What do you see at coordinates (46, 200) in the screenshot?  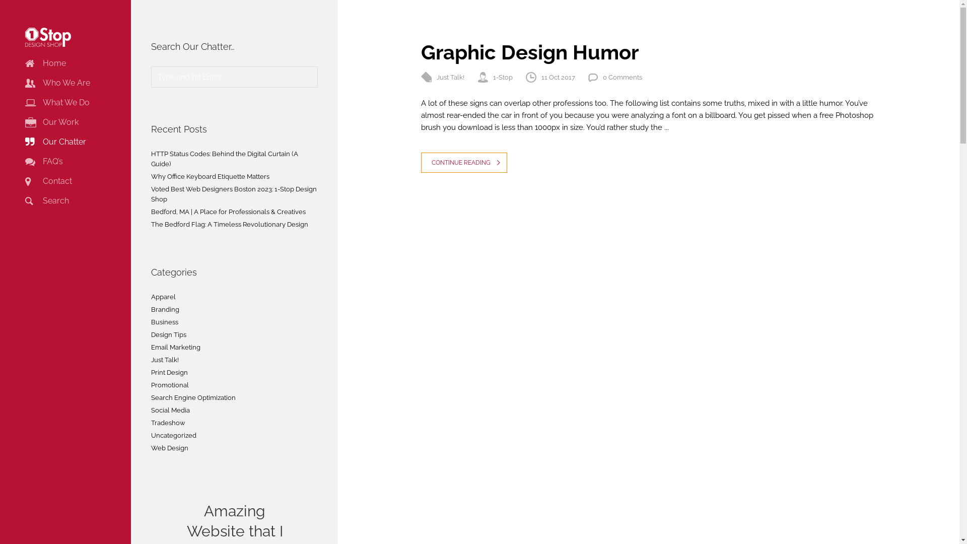 I see `'Search'` at bounding box center [46, 200].